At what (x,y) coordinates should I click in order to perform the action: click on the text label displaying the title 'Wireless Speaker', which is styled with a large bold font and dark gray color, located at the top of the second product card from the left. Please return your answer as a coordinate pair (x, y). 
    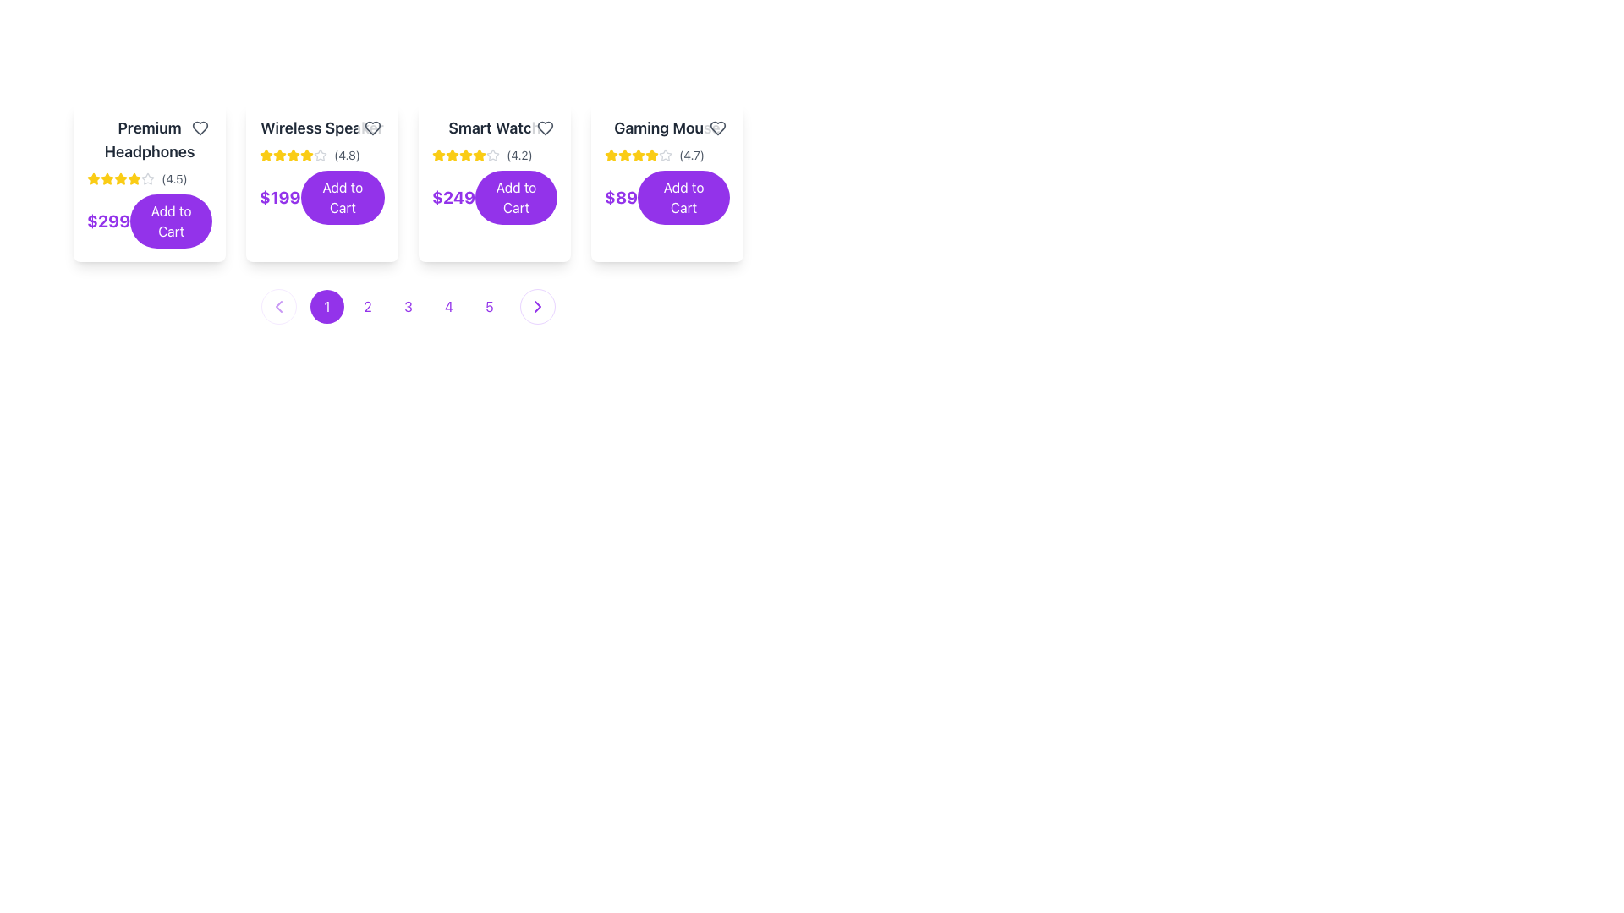
    Looking at the image, I should click on (321, 127).